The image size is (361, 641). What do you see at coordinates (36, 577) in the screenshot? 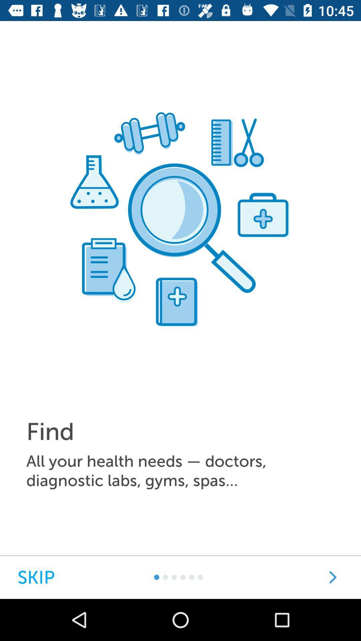
I see `skip` at bounding box center [36, 577].